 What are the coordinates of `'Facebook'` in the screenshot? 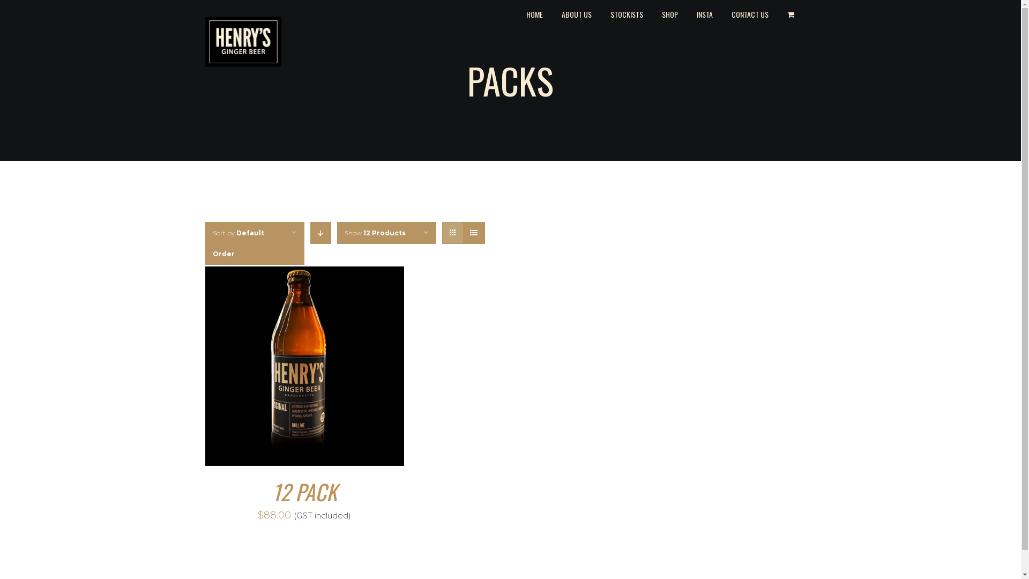 It's located at (488, 436).